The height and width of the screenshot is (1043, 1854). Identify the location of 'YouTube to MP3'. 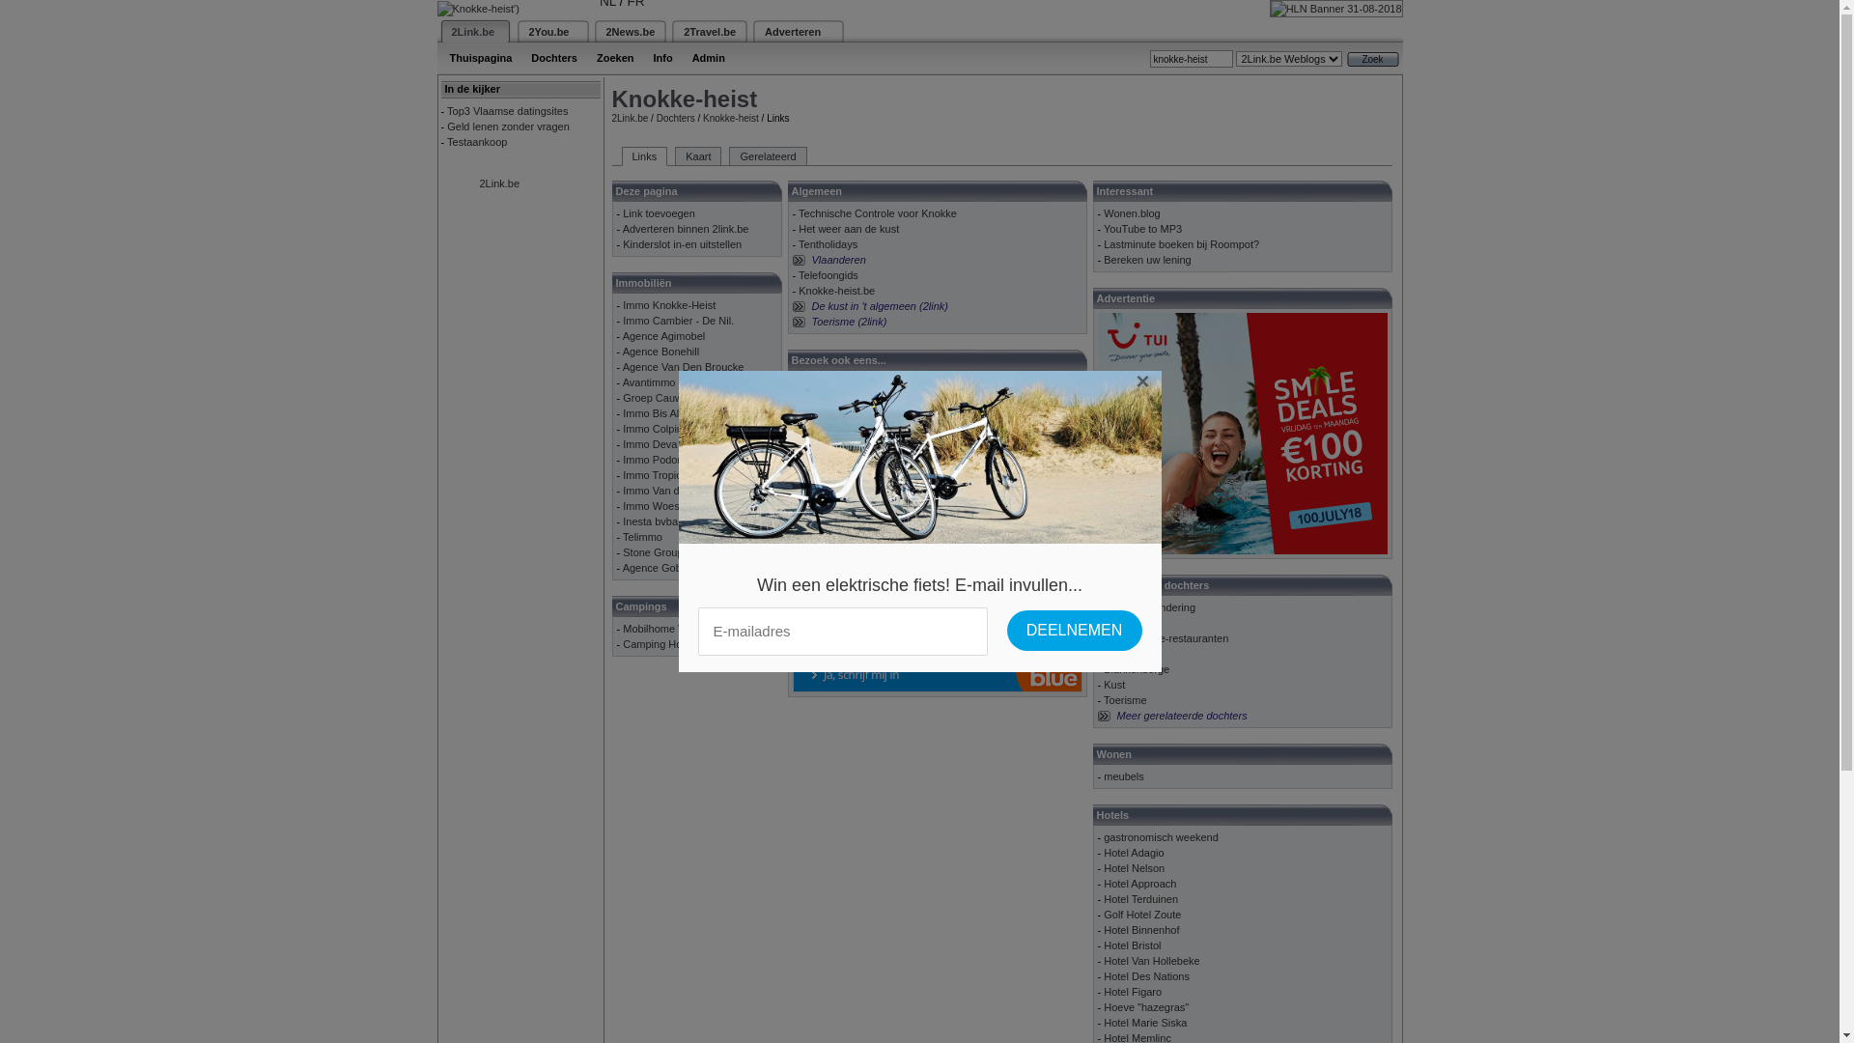
(1103, 227).